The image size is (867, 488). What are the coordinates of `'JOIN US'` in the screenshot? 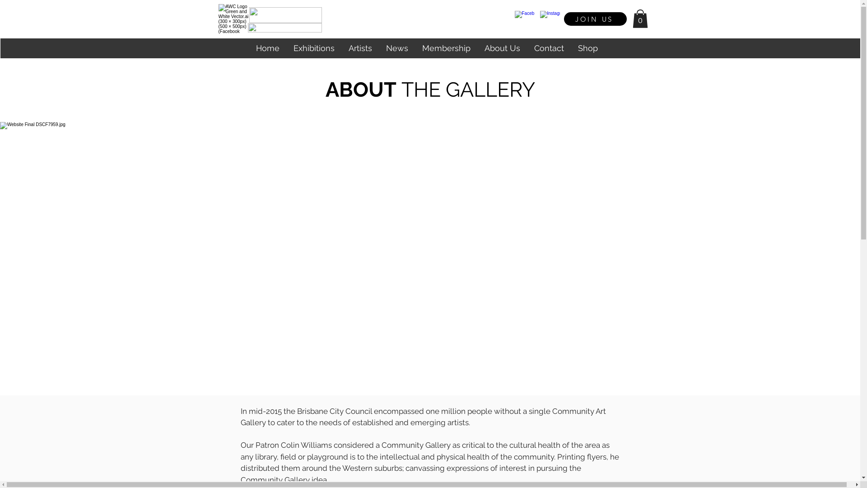 It's located at (595, 19).